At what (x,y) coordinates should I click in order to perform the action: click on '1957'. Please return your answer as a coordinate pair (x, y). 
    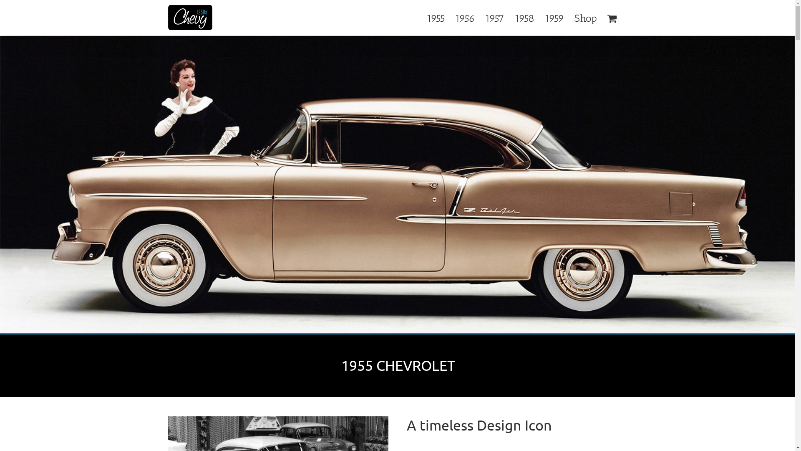
    Looking at the image, I should click on (494, 18).